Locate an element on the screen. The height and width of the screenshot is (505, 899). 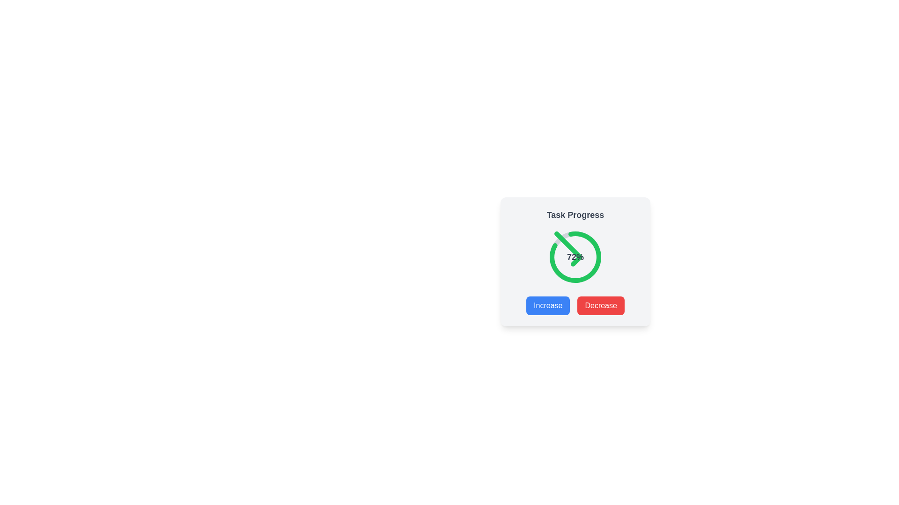
the blue 'Increase' button located at the bottom left of the card is located at coordinates (548, 306).